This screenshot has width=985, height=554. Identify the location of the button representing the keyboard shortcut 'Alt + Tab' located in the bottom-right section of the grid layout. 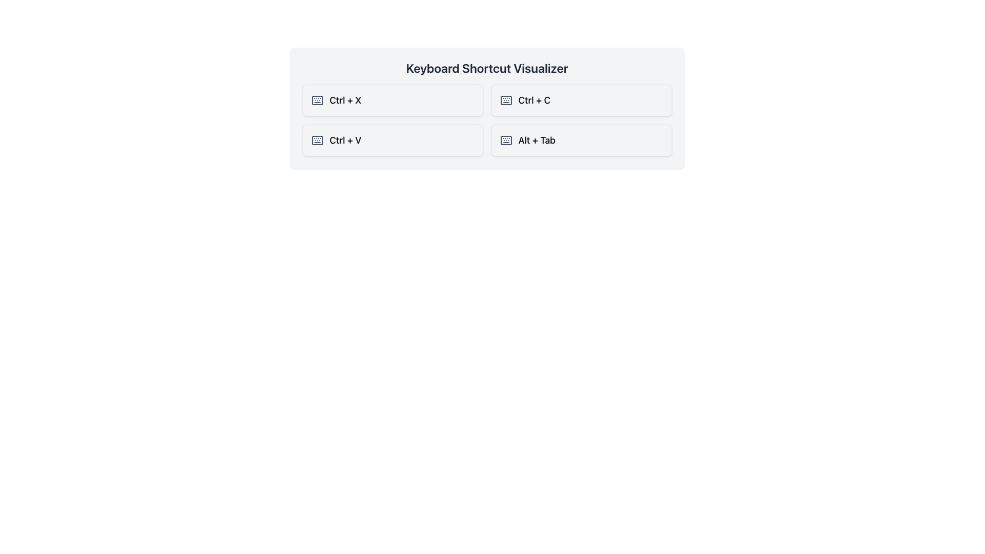
(581, 140).